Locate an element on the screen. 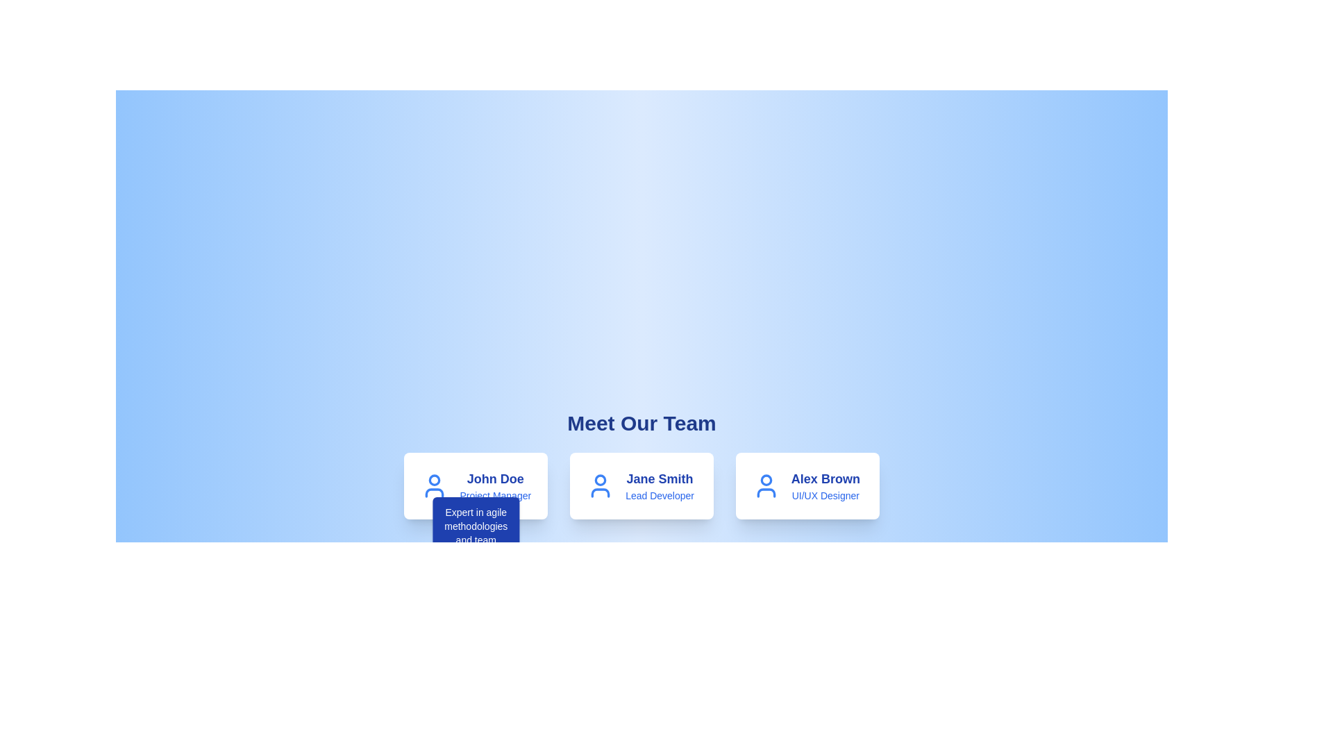  static text element that displays 'John Doe', which is styled in a larger bold font and dark blue color, located in the first card of the 'Meet Our Team' section is located at coordinates (495, 478).